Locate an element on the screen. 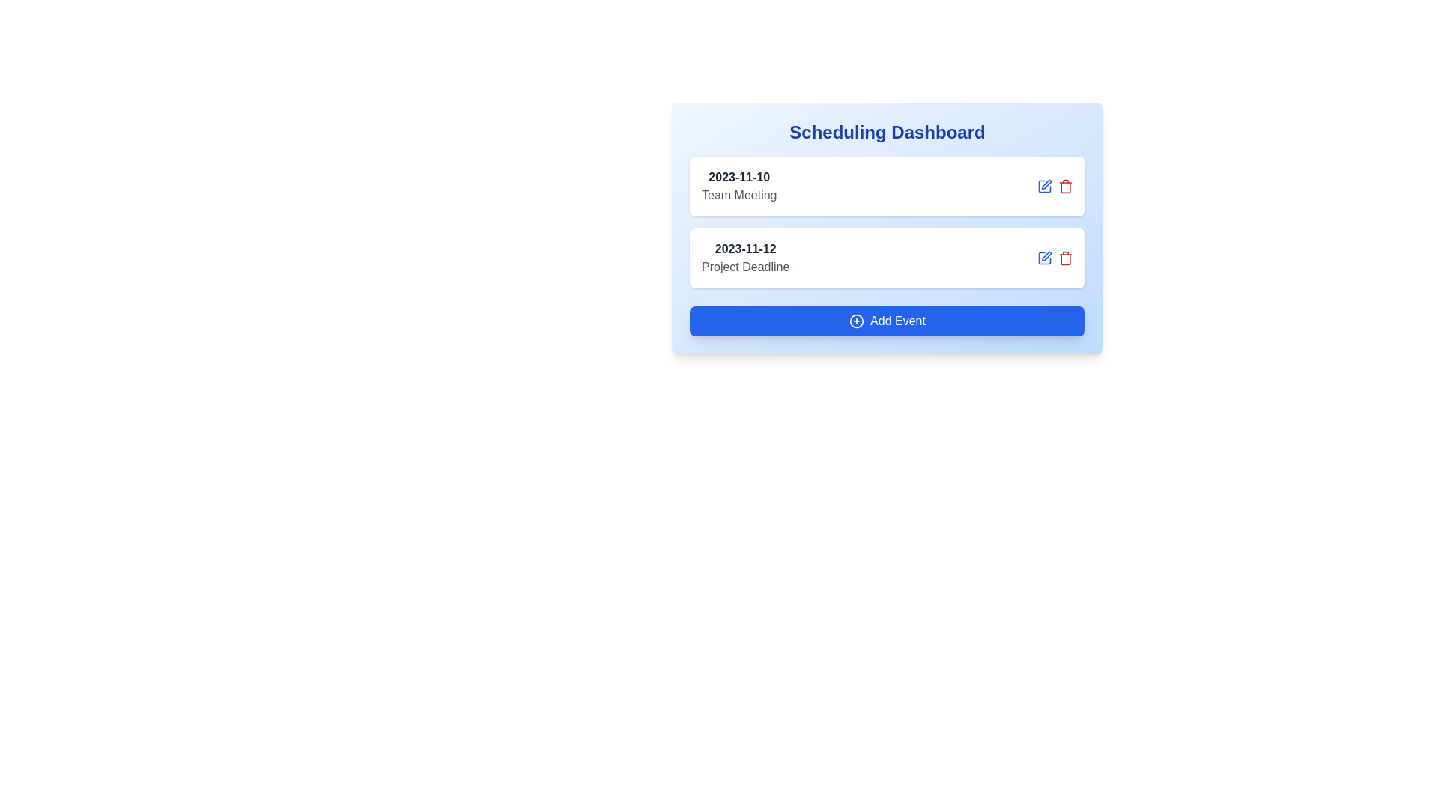  the informational text label that describes an event or task associated with the date '2023-11-10' in the 'Scheduling Dashboard' card is located at coordinates (739, 195).